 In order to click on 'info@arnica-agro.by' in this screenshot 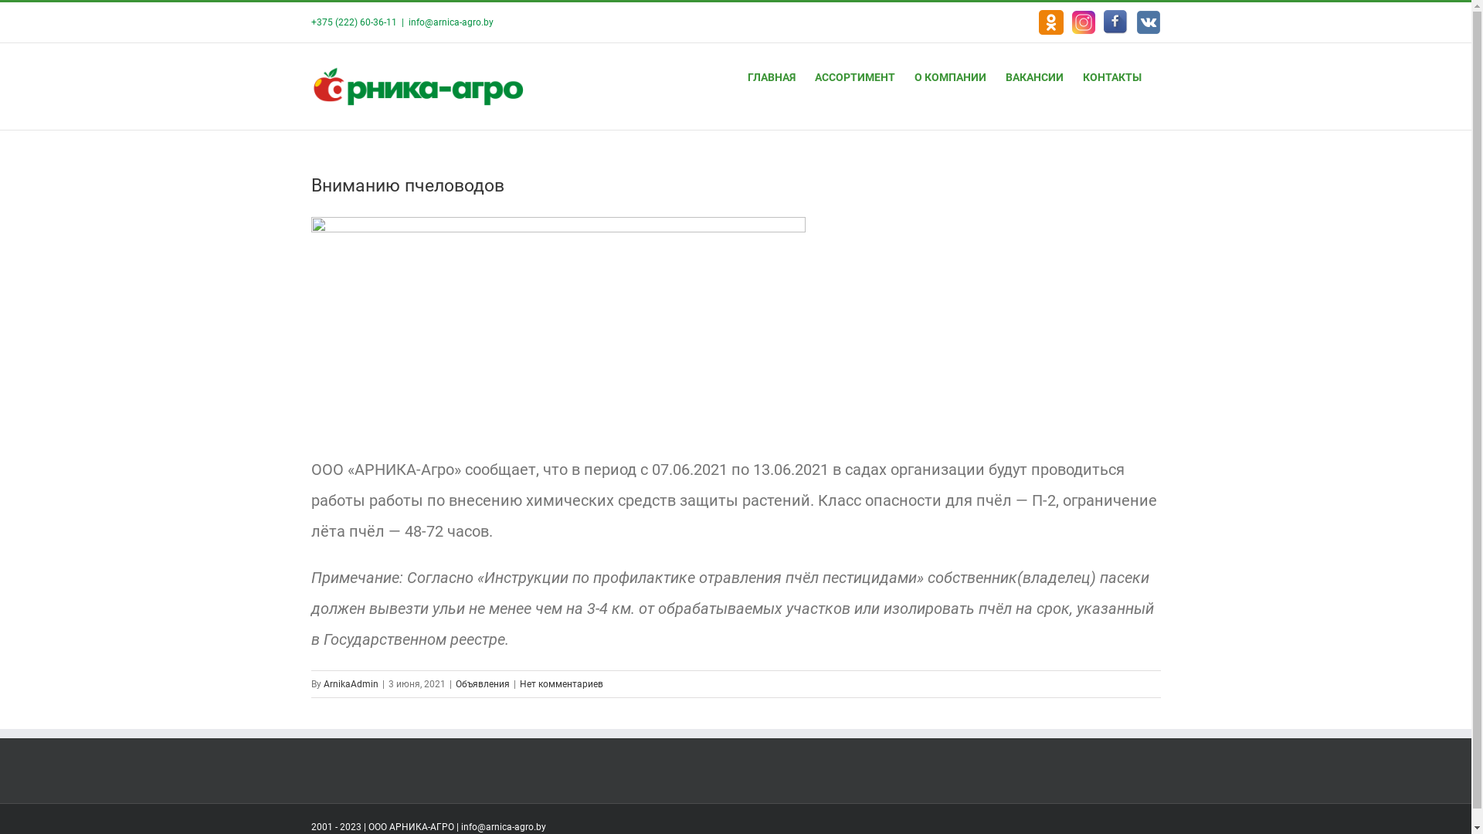, I will do `click(449, 22)`.